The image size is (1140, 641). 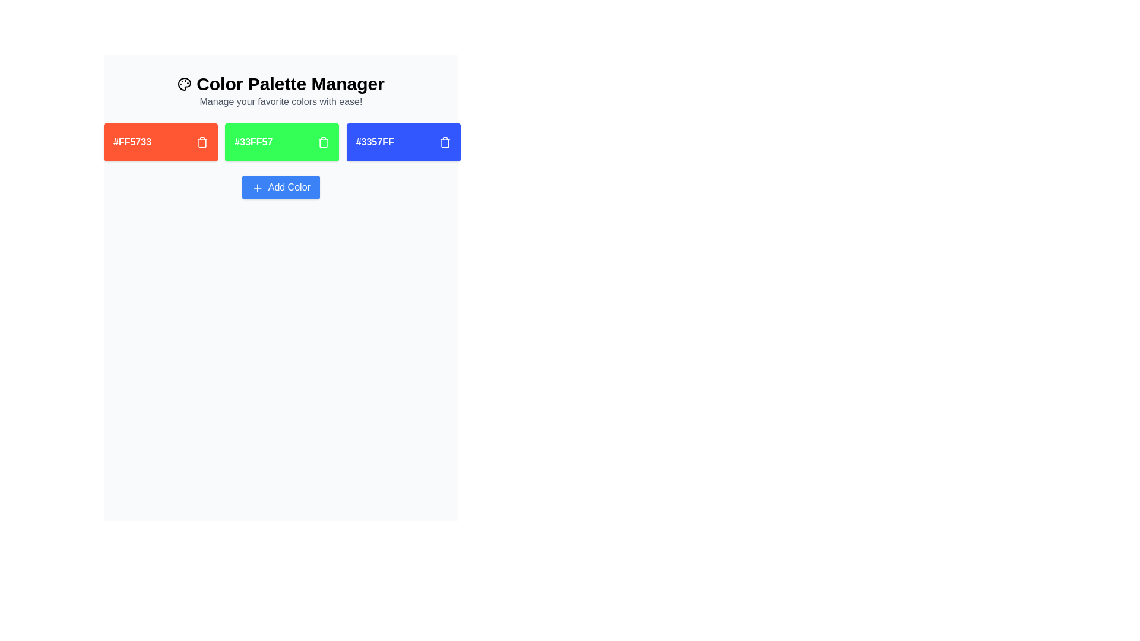 I want to click on the button located centrally below the three color blocks in the 'Color Palette Manager' UI, so click(x=280, y=187).